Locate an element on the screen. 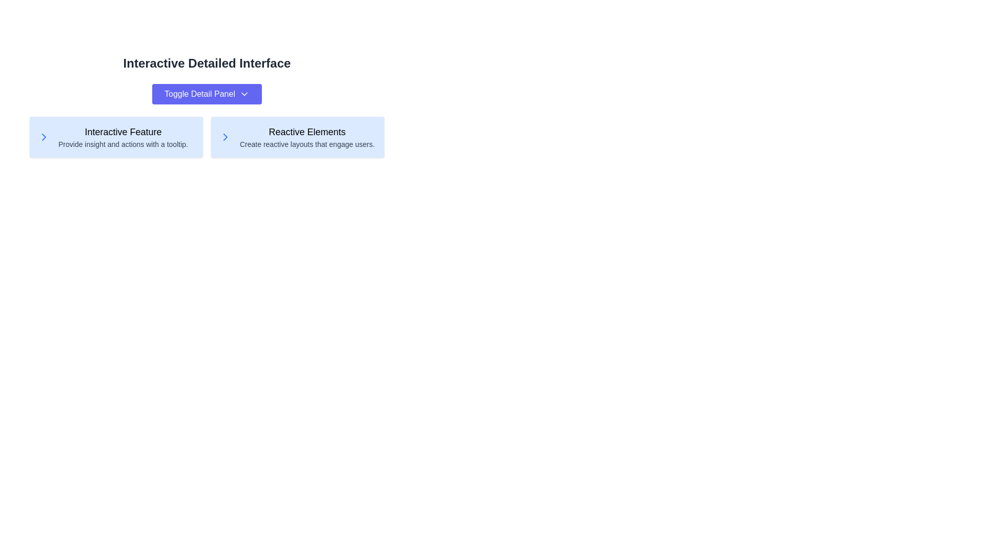 This screenshot has height=553, width=984. descriptive static text located within the 'Interactive Feature' section, positioned below its title and within a horizontally styled list of sections is located at coordinates (123, 144).